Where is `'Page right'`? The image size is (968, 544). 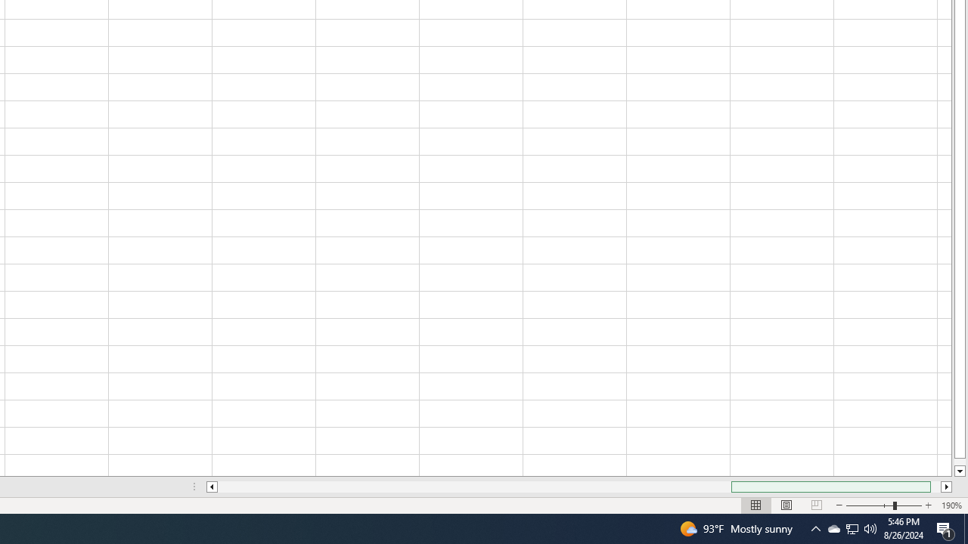 'Page right' is located at coordinates (935, 487).